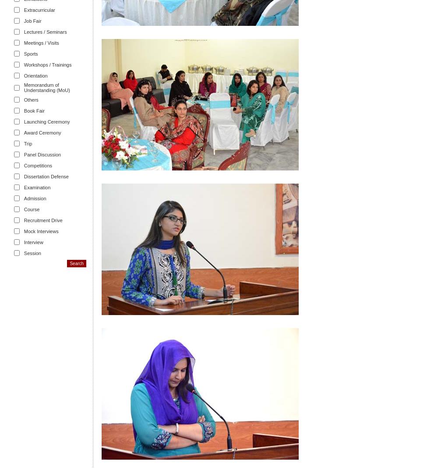 The height and width of the screenshot is (468, 438). What do you see at coordinates (33, 110) in the screenshot?
I see `'Book Fair'` at bounding box center [33, 110].